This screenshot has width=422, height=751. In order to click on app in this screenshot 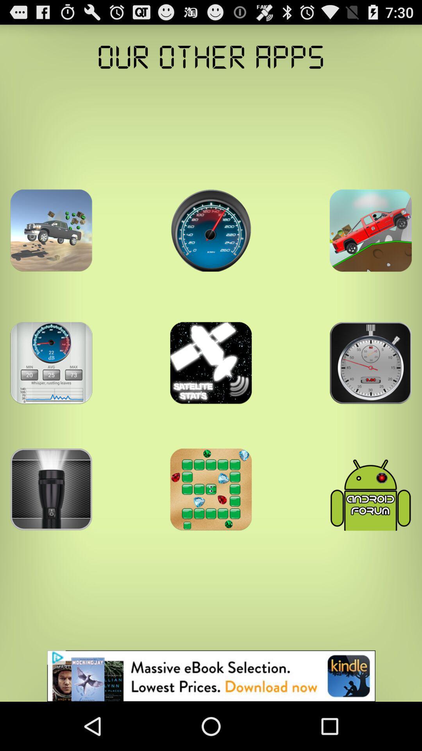, I will do `click(51, 230)`.